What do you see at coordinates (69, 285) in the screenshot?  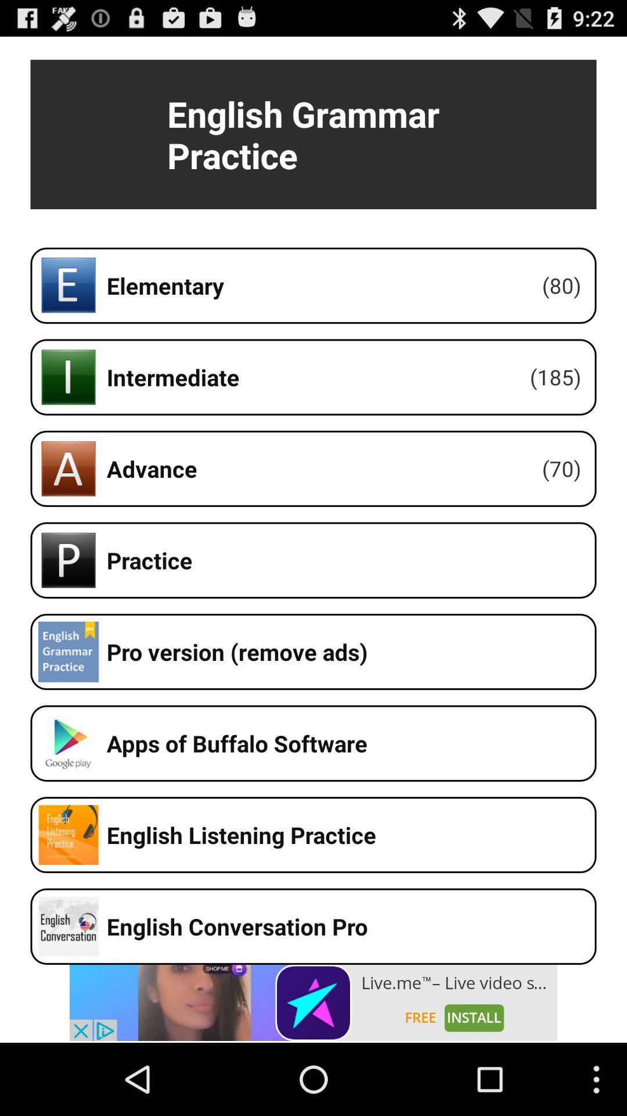 I see `the icon which is left side of the elementary` at bounding box center [69, 285].